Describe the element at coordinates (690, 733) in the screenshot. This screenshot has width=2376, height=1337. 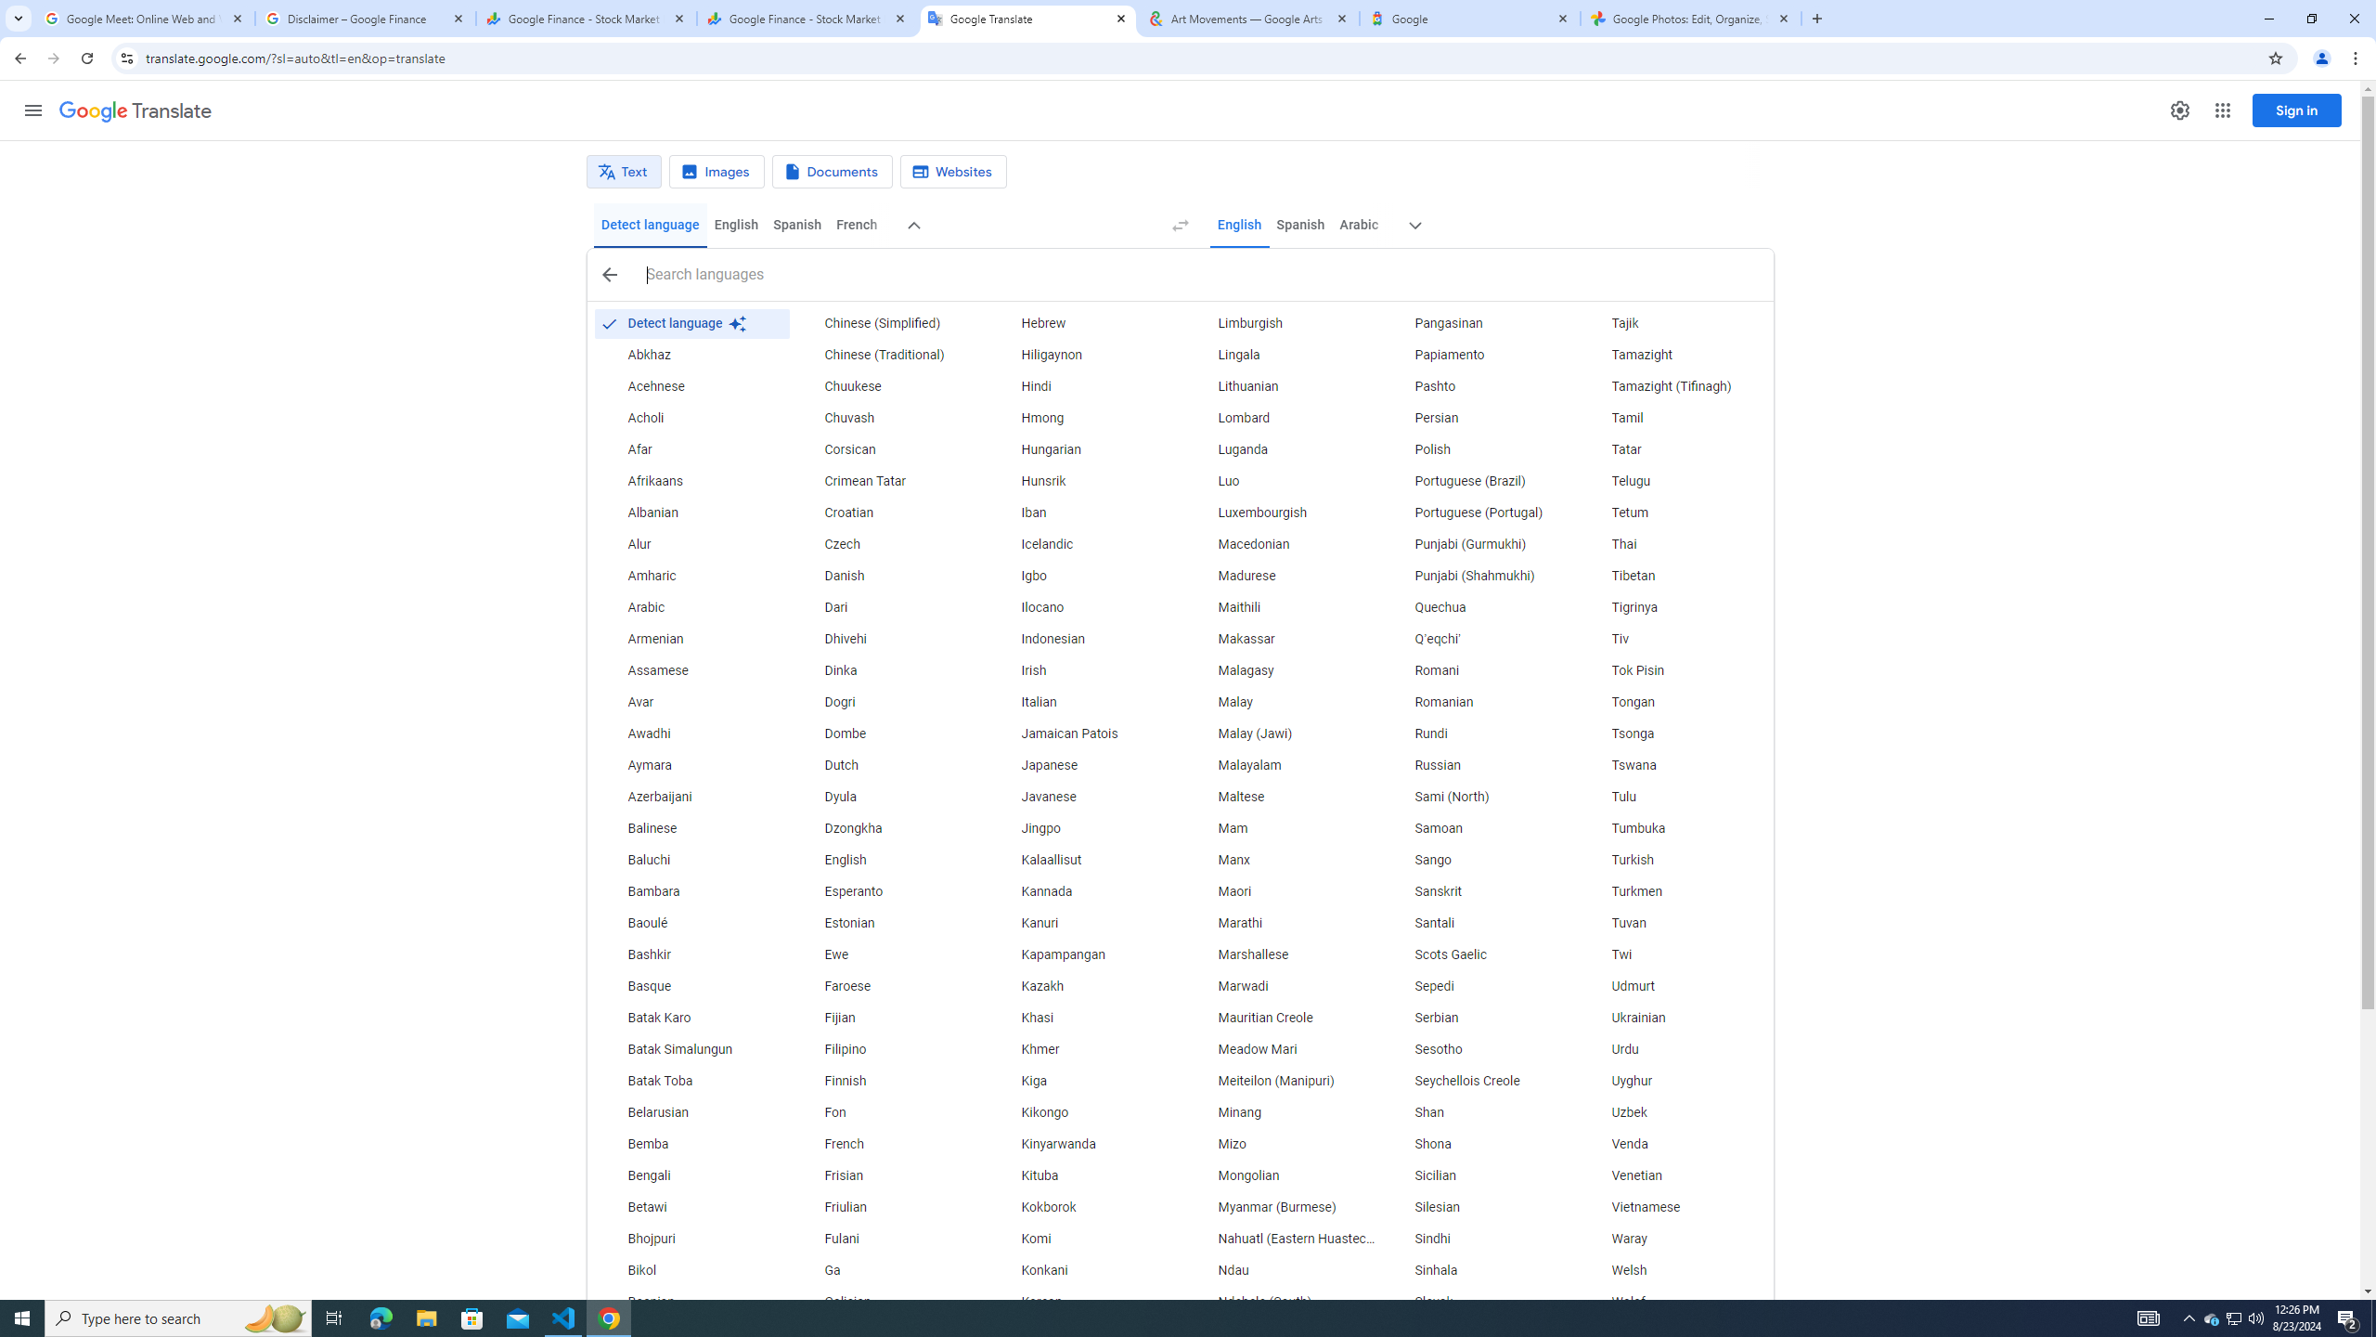
I see `'Awadhi'` at that location.